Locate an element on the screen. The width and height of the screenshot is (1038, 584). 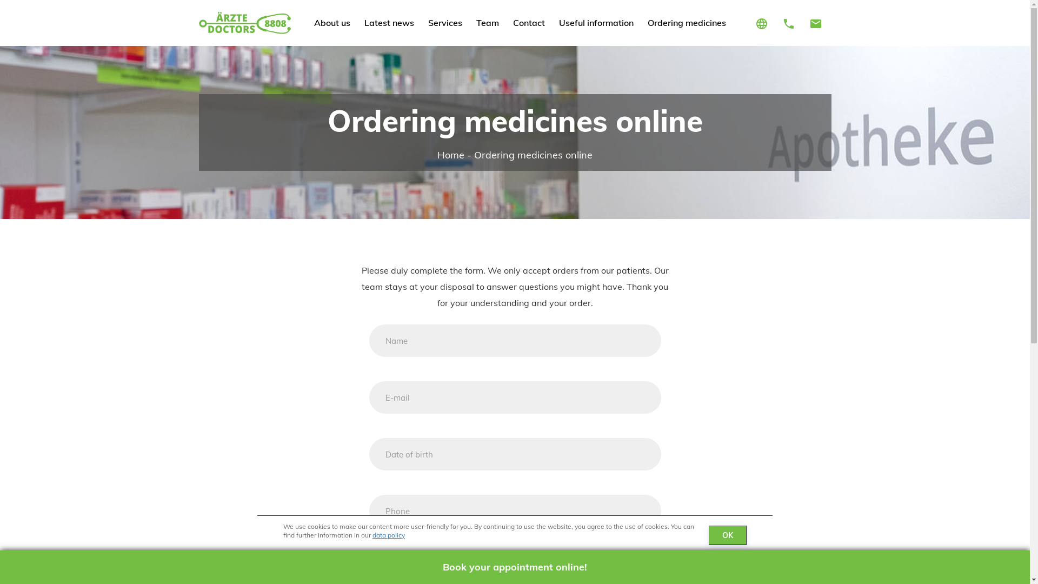
'Contact' is located at coordinates (529, 23).